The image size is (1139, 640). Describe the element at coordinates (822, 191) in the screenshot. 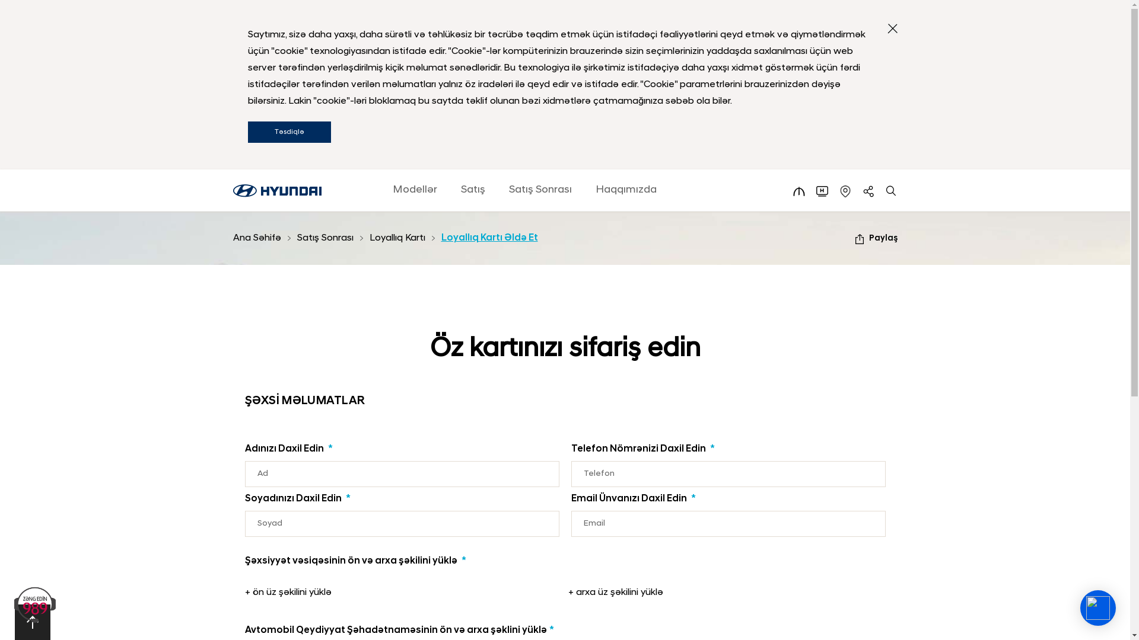

I see `'Hyundai Tv'` at that location.